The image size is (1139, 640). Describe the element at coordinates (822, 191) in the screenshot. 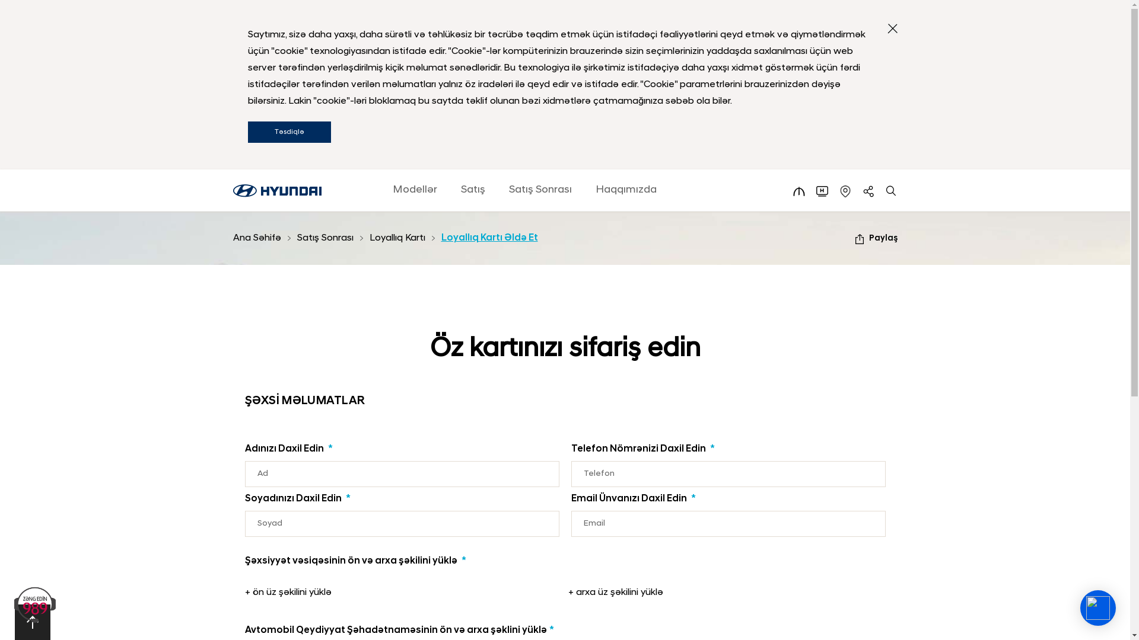

I see `'Hyundai Tv'` at that location.